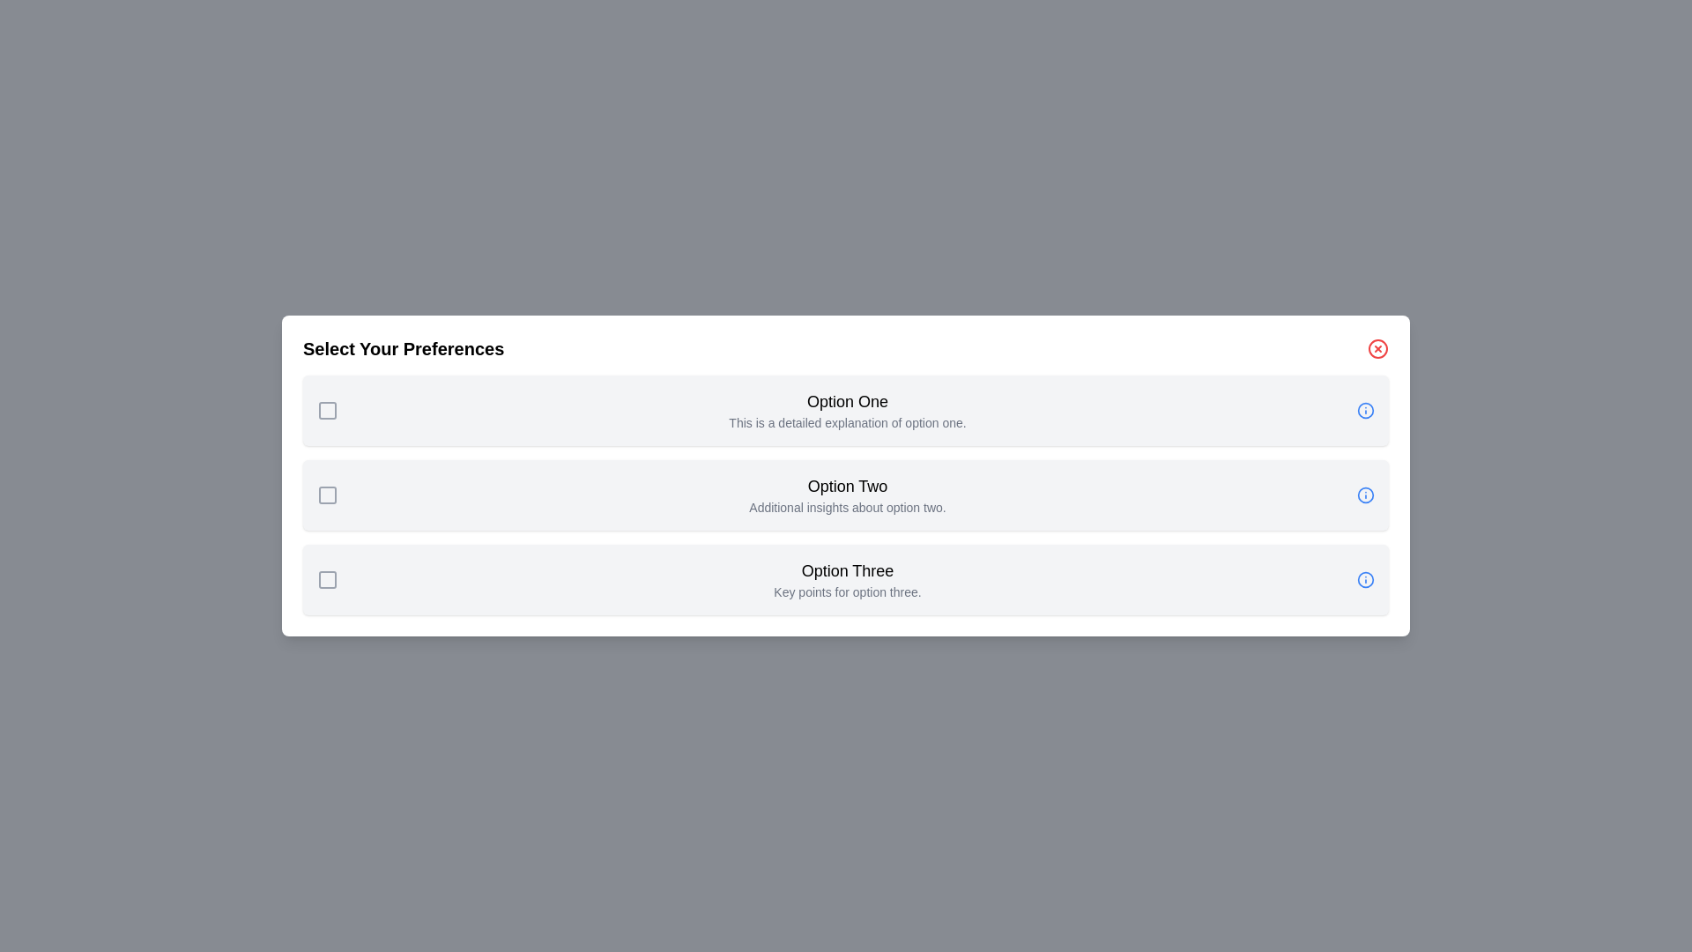 Image resolution: width=1692 pixels, height=952 pixels. I want to click on the Circle graphic icon located in the second row of options at the right-most edge of the list item, so click(1365, 495).